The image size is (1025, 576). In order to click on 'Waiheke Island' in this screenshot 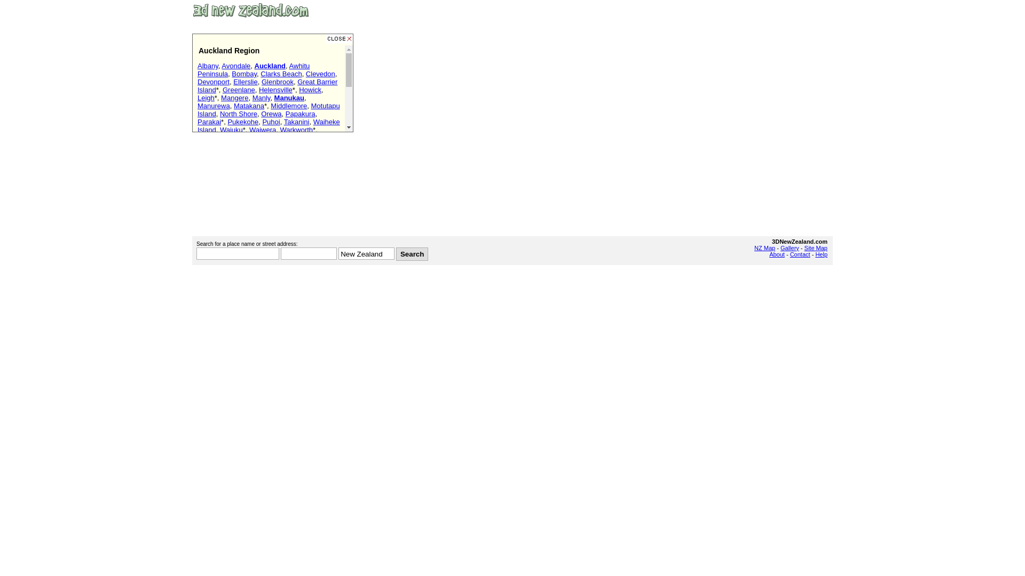, I will do `click(269, 125)`.